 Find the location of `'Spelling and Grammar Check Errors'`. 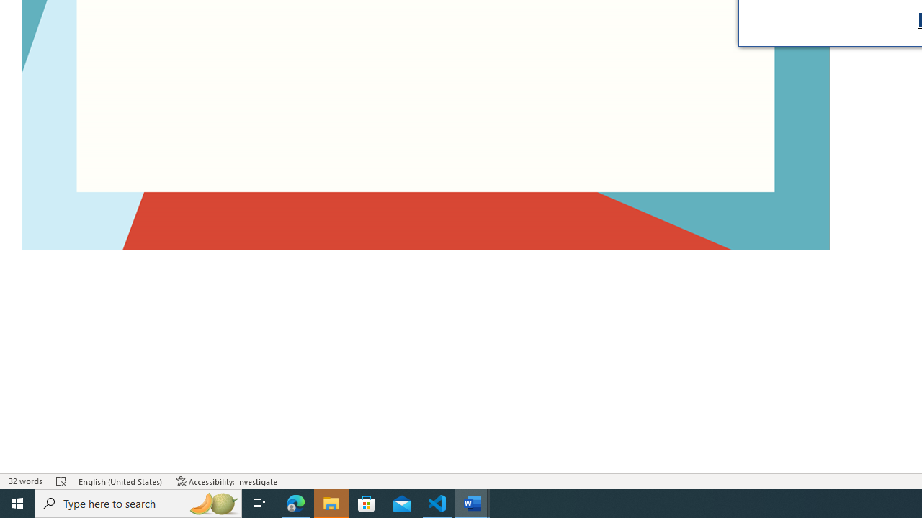

'Spelling and Grammar Check Errors' is located at coordinates (61, 481).